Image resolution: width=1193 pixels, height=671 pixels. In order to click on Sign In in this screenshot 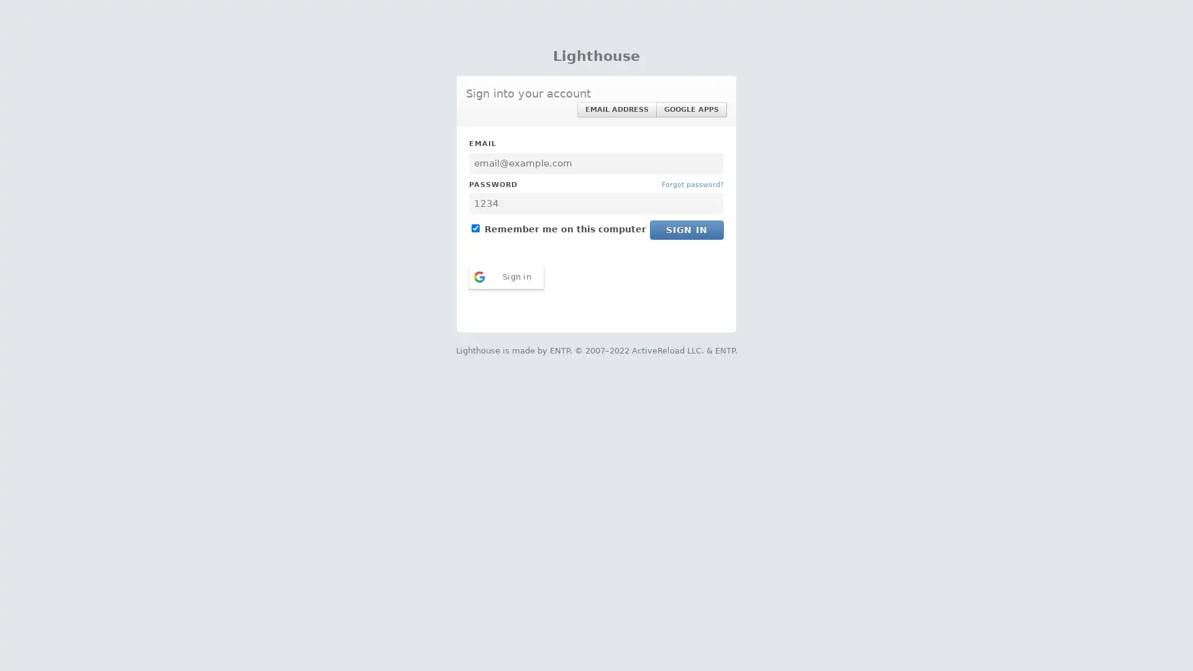, I will do `click(686, 230)`.